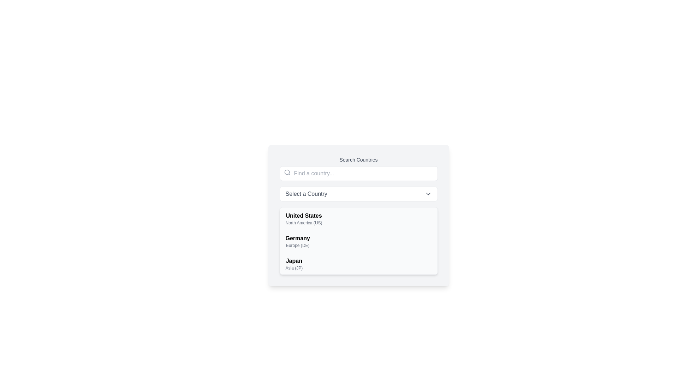 This screenshot has height=381, width=678. Describe the element at coordinates (287, 173) in the screenshot. I see `the circular gray magnifying glass icon located on the left side of the search input field` at that location.